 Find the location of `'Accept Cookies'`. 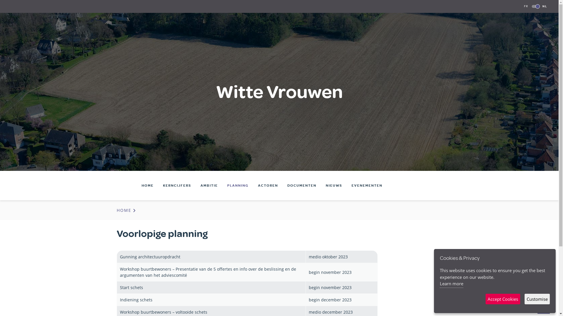

'Accept Cookies' is located at coordinates (502, 299).